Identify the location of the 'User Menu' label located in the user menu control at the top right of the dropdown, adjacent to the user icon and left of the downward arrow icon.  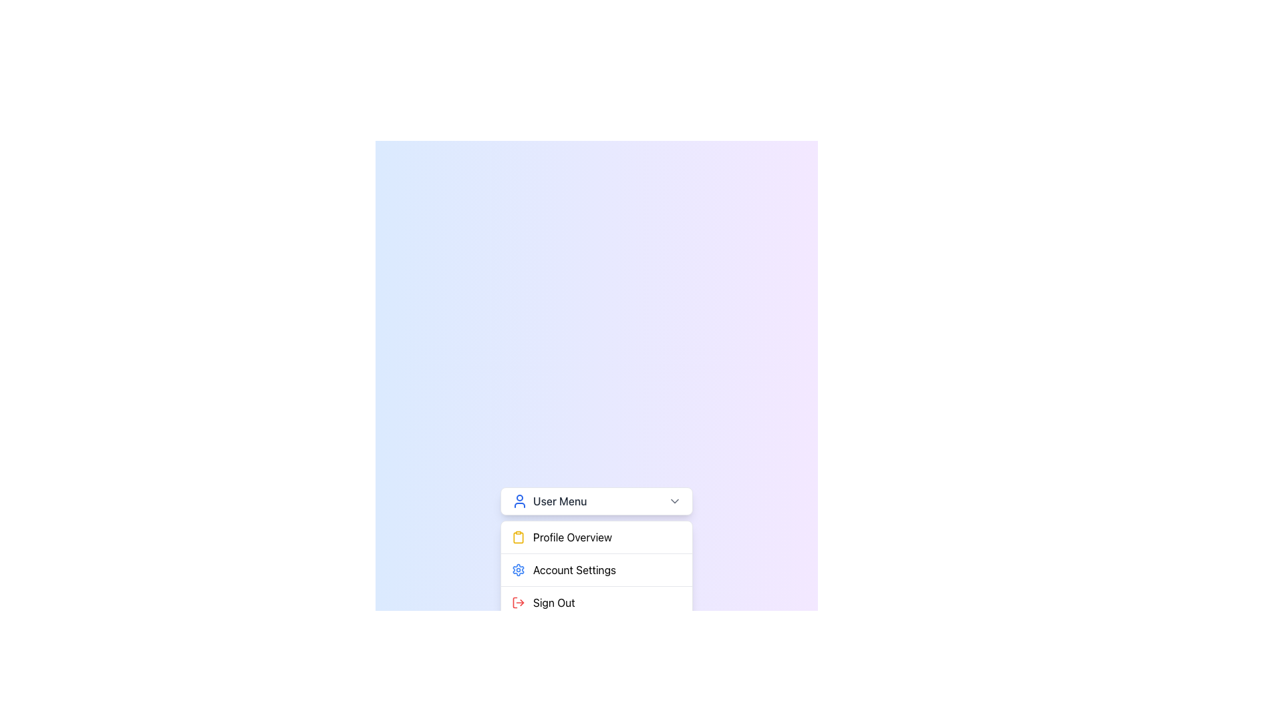
(549, 501).